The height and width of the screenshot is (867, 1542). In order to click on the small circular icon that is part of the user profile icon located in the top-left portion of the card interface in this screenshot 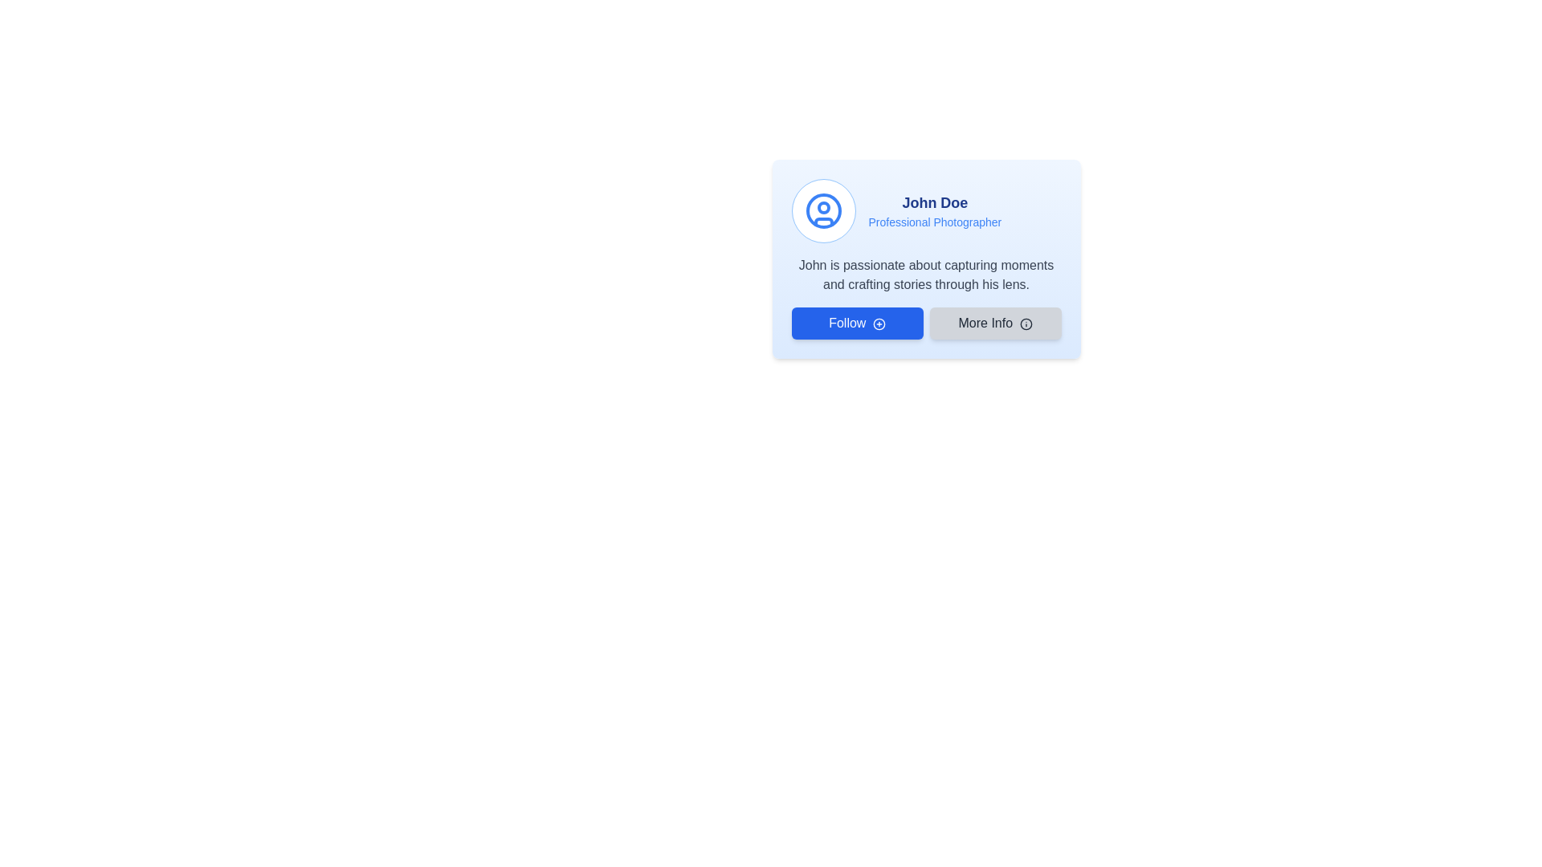, I will do `click(823, 206)`.